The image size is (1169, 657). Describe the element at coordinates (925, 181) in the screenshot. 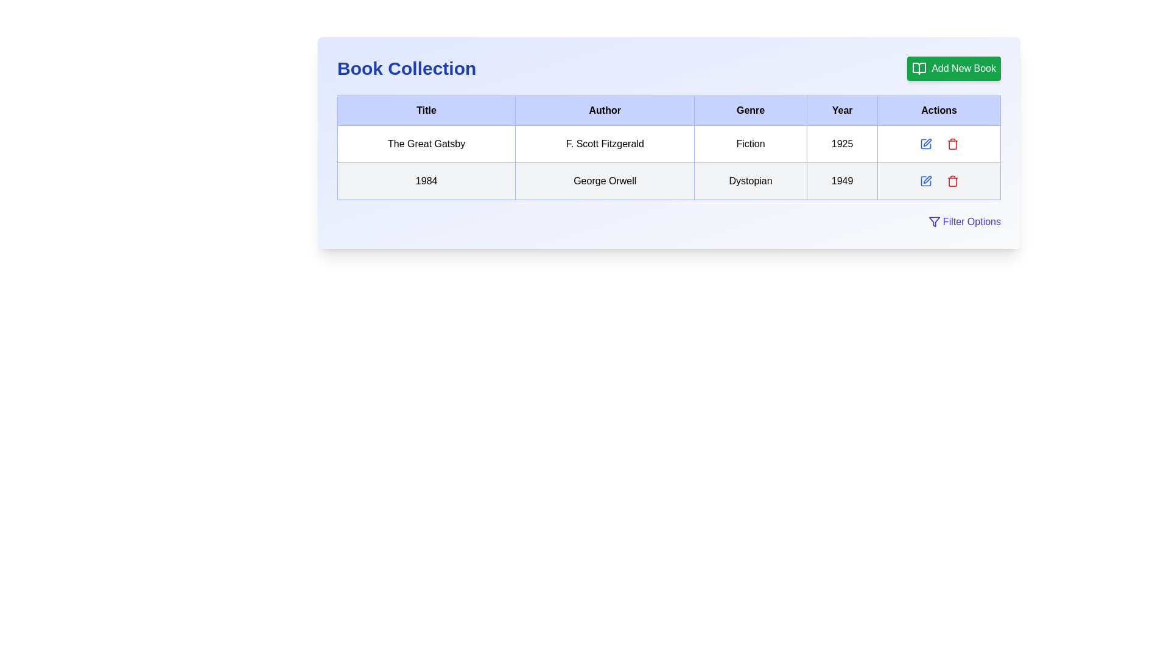

I see `the icon button with edit functionality located in the 'Actions' cell of the second row of the data table` at that location.